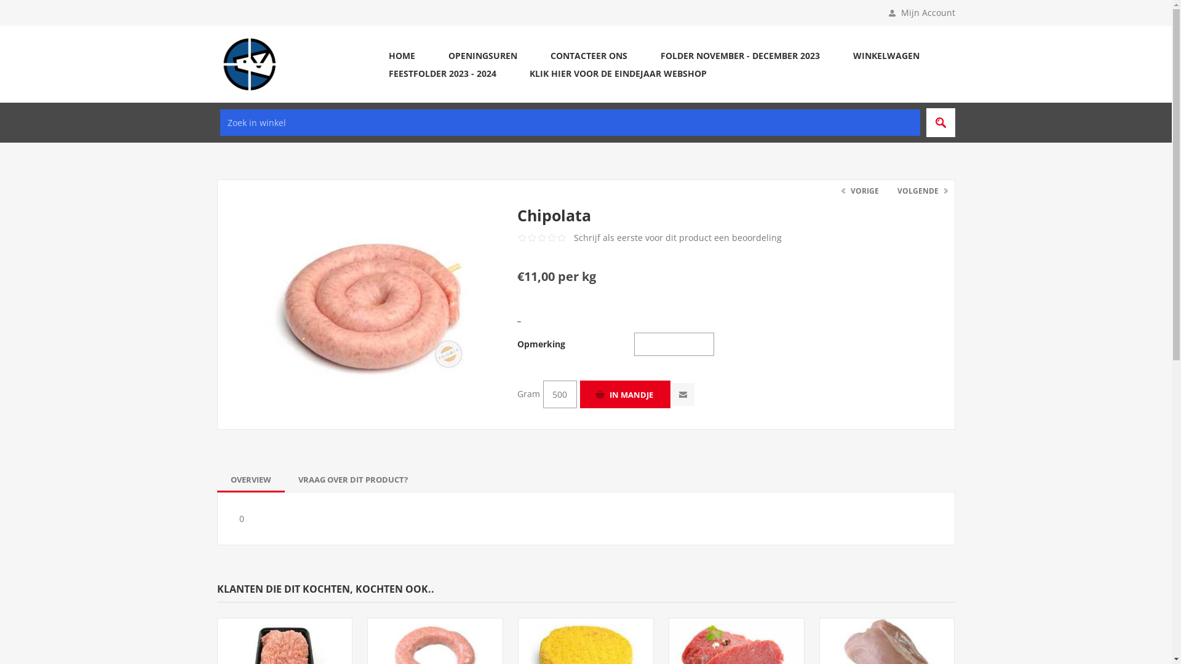  Describe the element at coordinates (534, 55) in the screenshot. I see `'CONTACTEER ONS'` at that location.